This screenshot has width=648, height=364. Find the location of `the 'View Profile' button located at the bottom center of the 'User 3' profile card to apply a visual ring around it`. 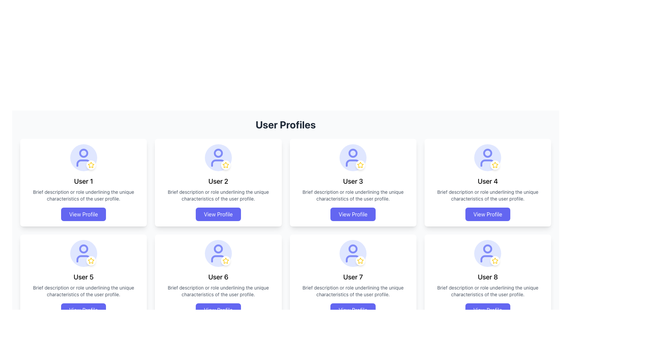

the 'View Profile' button located at the bottom center of the 'User 3' profile card to apply a visual ring around it is located at coordinates (353, 214).